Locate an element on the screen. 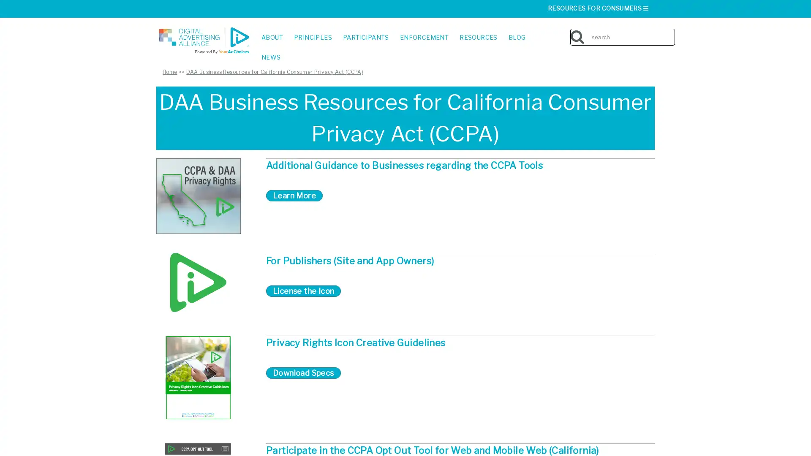 The width and height of the screenshot is (811, 456). Search is located at coordinates (671, 30).